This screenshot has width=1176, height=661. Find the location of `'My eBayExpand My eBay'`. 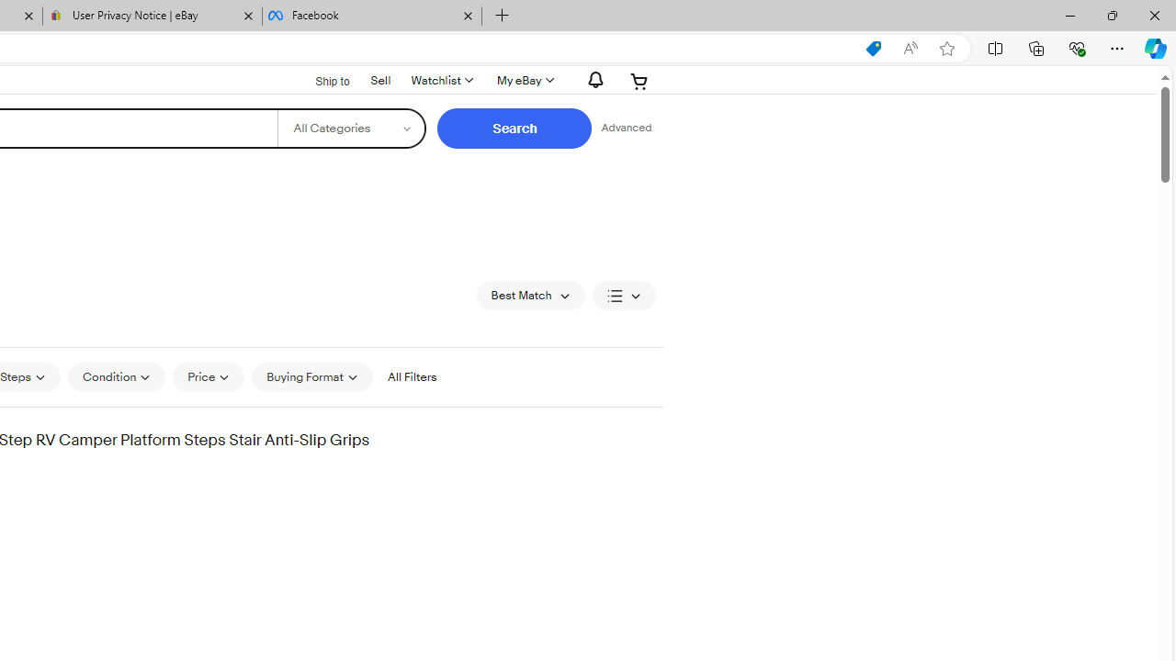

'My eBayExpand My eBay' is located at coordinates (523, 80).